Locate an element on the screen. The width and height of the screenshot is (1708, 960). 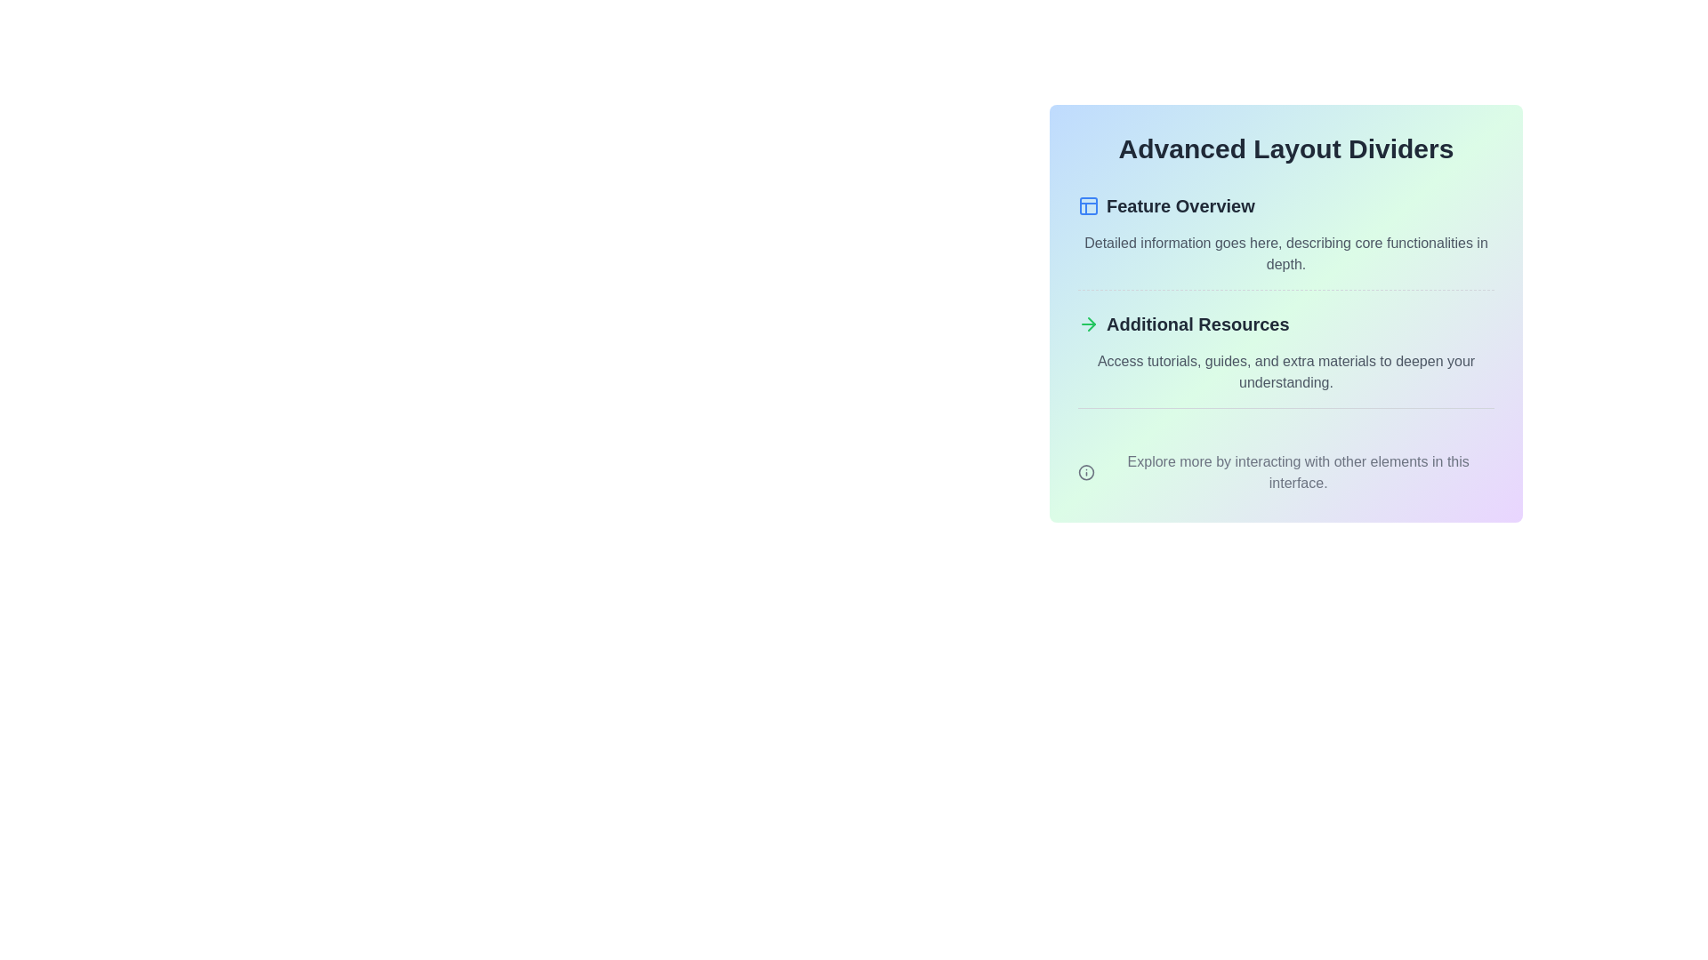
the centrally positioned circle element within the SVG icon that contributes to its informational or decorative aspect is located at coordinates (1085, 472).